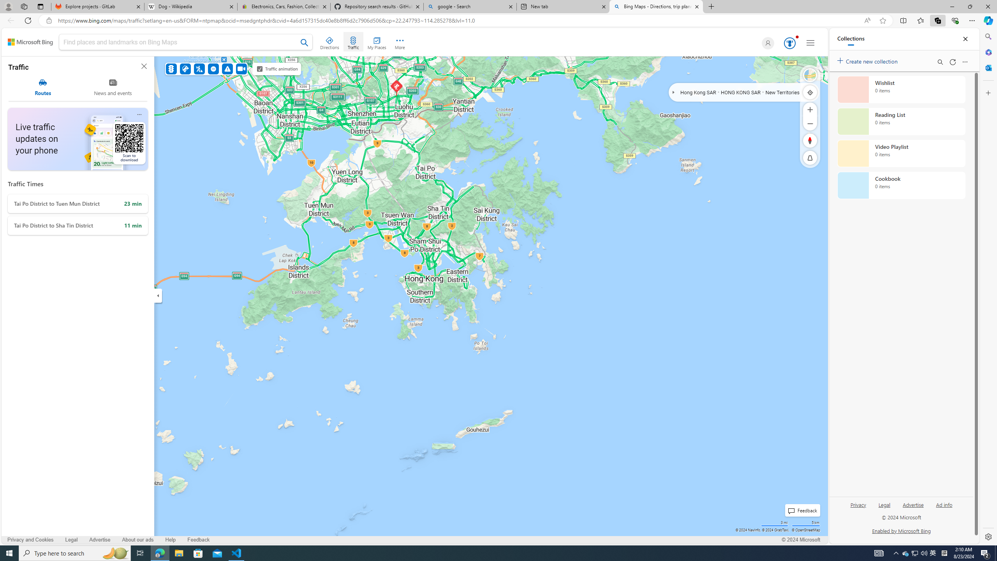  What do you see at coordinates (78, 139) in the screenshot?
I see `'Live traffic updates on your phone Scan to download'` at bounding box center [78, 139].